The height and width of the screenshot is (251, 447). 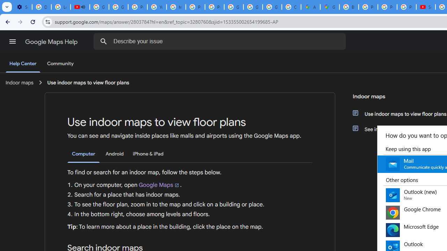 I want to click on 'Delete photos & videos - Computer - Google Photos Help', so click(x=41, y=7).